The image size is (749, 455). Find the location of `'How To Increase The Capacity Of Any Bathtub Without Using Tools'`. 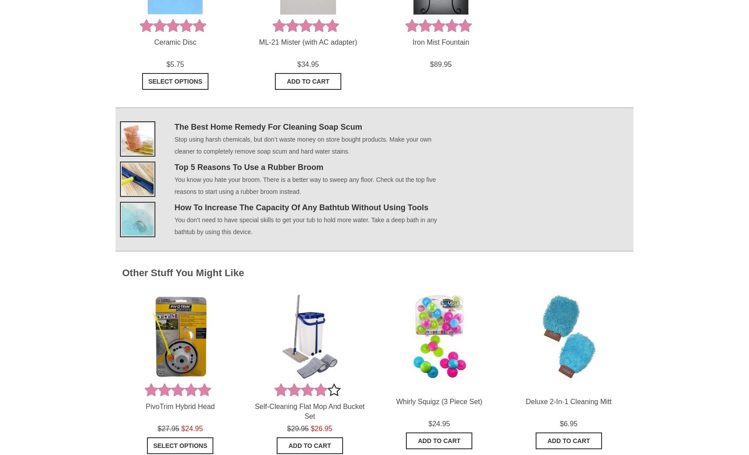

'How To Increase The Capacity Of Any Bathtub Without Using Tools' is located at coordinates (174, 207).